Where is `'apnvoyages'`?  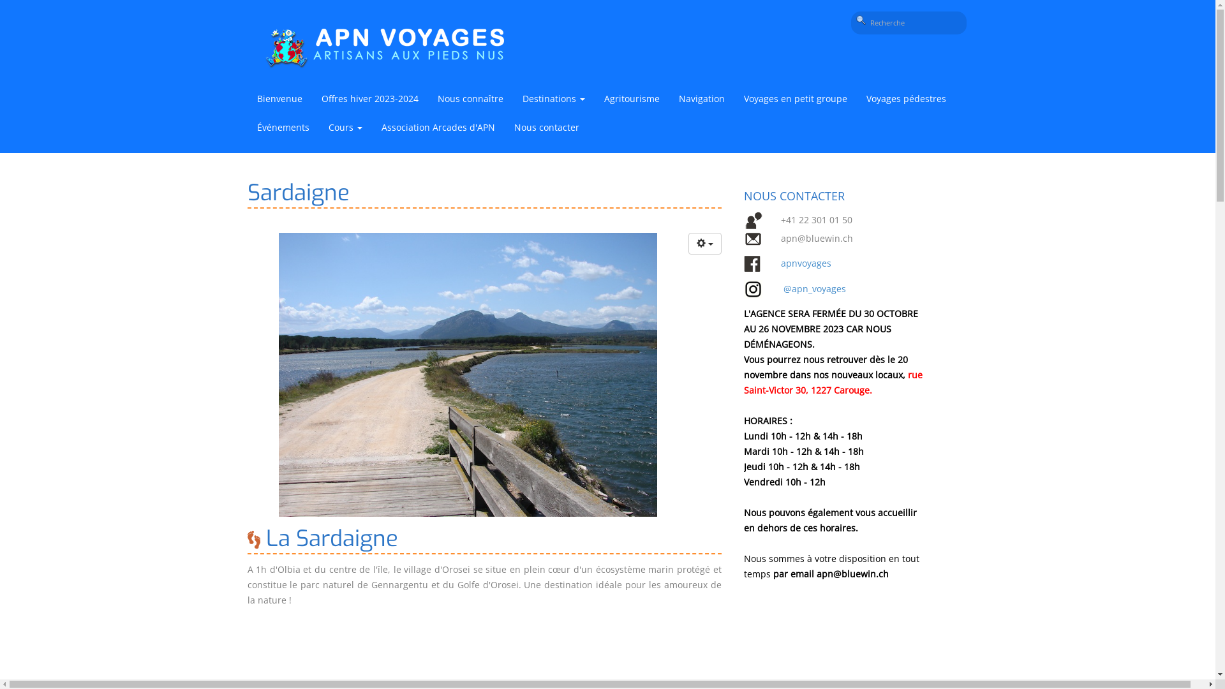
'apnvoyages' is located at coordinates (805, 262).